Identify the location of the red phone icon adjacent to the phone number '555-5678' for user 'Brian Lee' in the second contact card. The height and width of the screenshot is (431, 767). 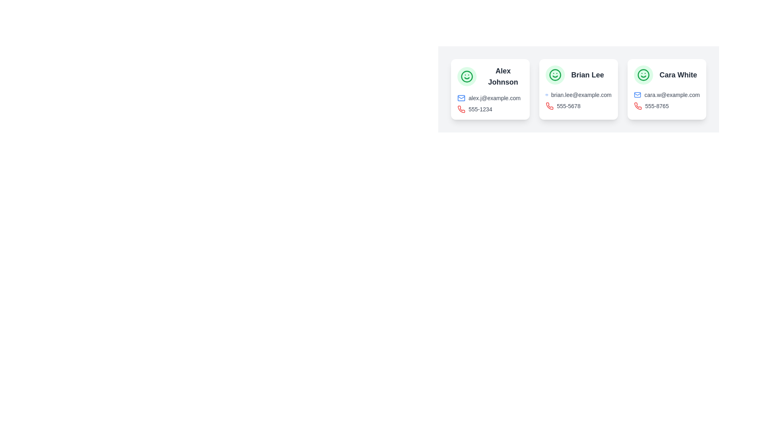
(549, 106).